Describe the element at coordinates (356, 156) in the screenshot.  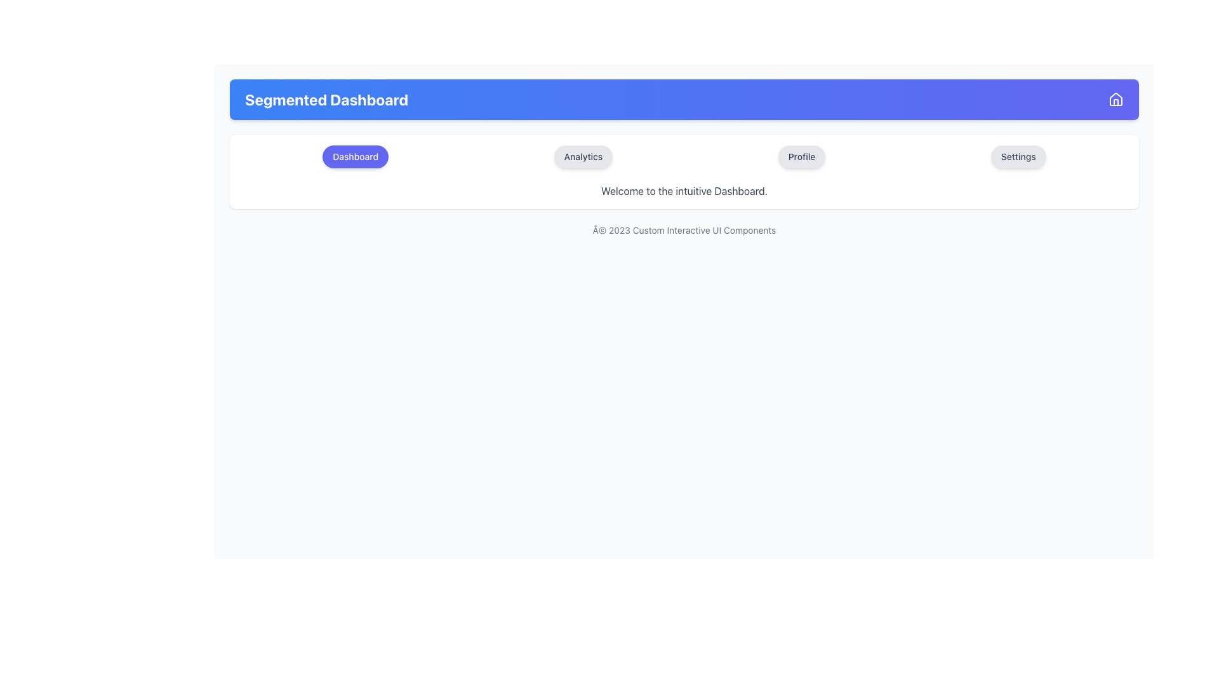
I see `the indigo button labeled 'Dashboard'` at that location.